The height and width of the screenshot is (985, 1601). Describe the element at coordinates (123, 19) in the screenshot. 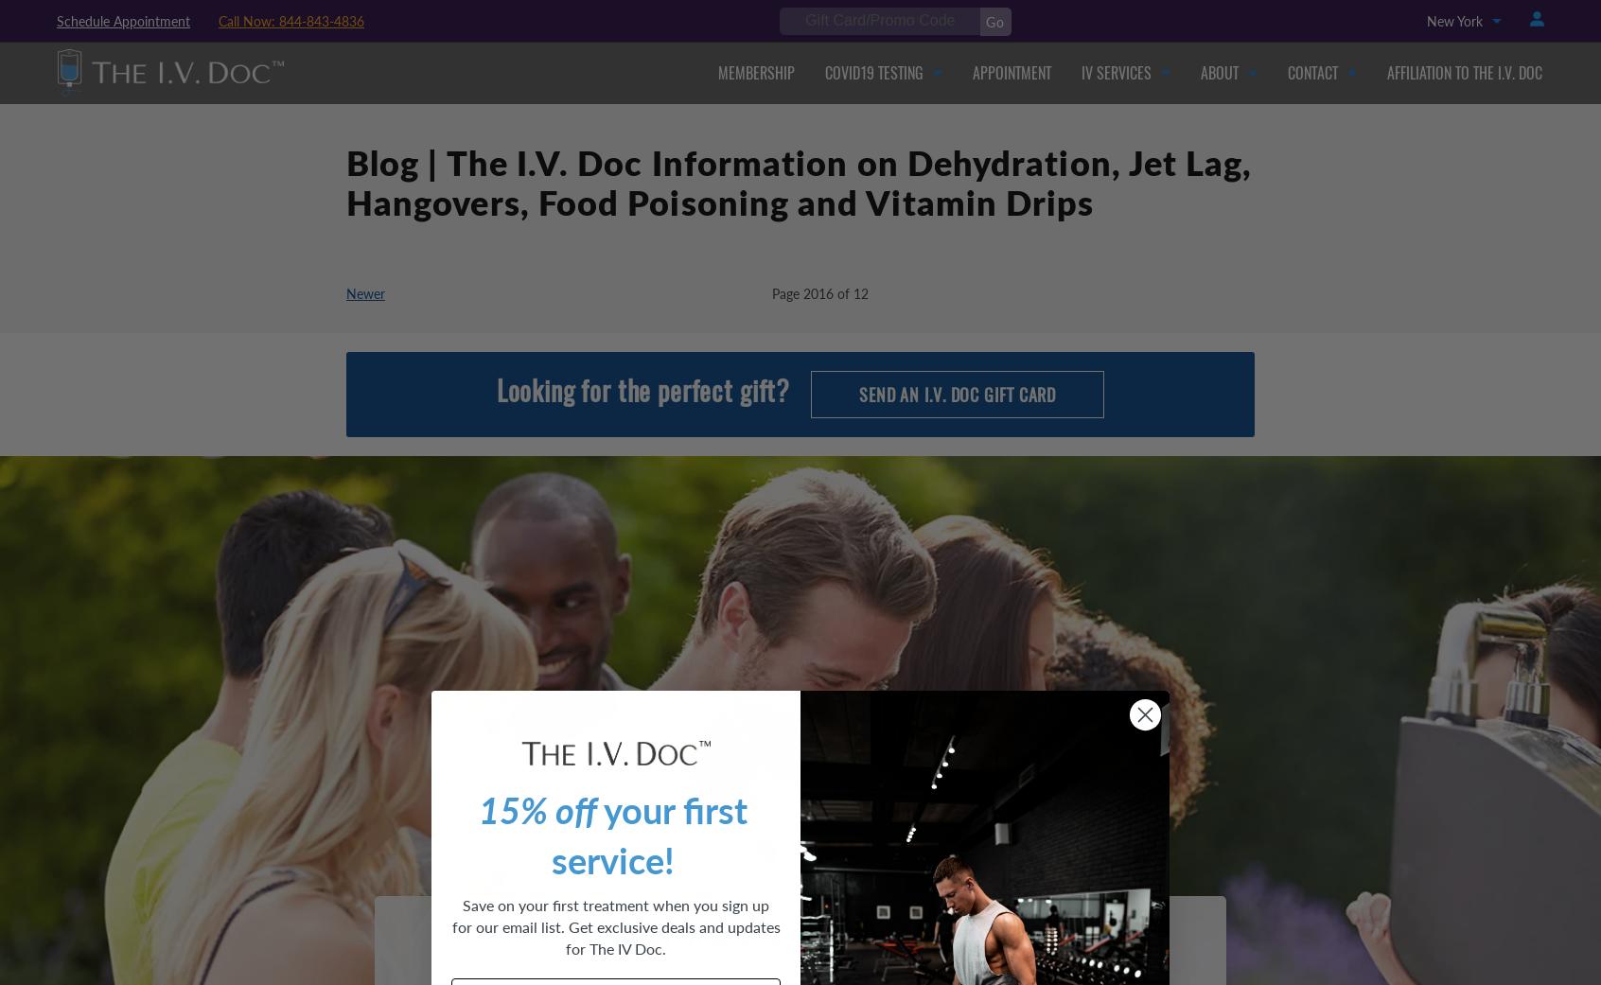

I see `'Schedule Appointment'` at that location.